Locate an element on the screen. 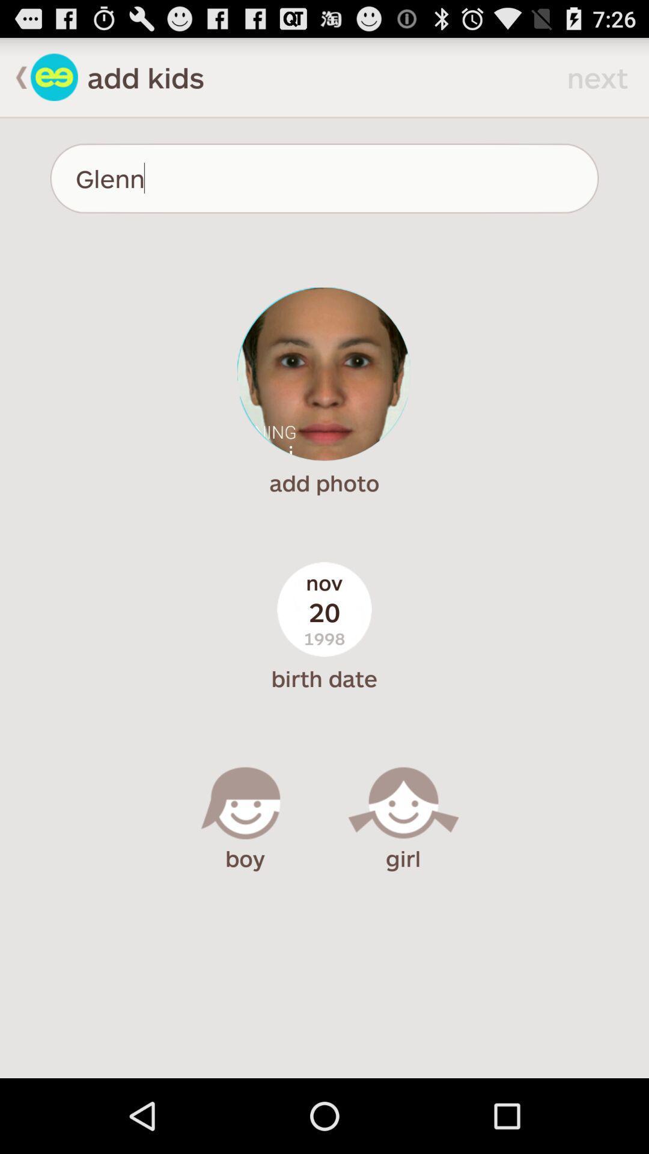  photo is located at coordinates (323, 373).